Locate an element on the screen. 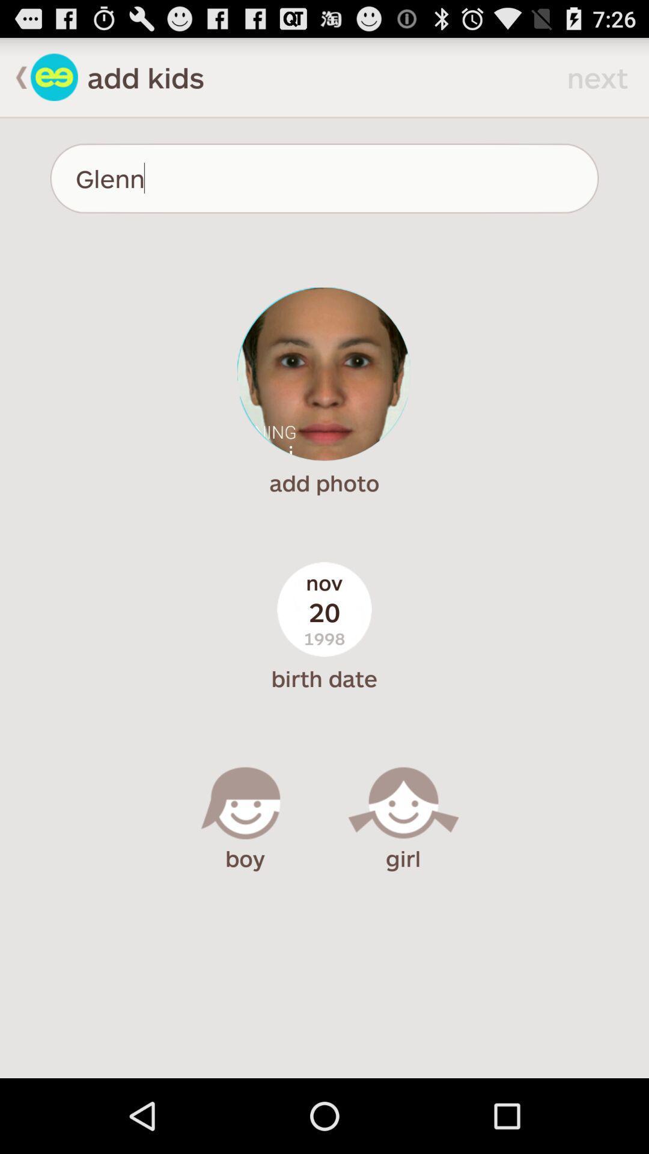  photo is located at coordinates (323, 373).